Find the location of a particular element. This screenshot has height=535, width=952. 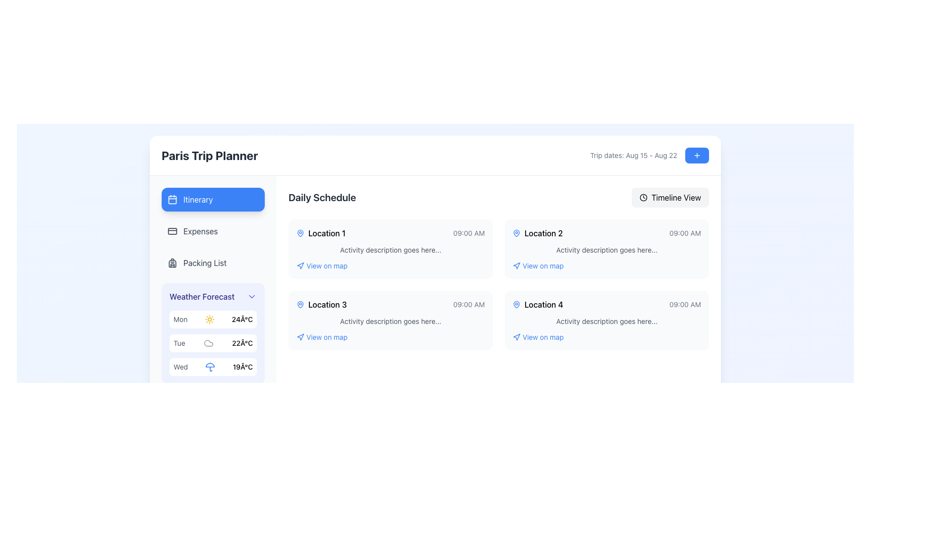

the interactive link or button labeled 'Location 4' within the fourth card of the 'Daily Schedule' section to visualize its clickable nature is located at coordinates (606, 337).